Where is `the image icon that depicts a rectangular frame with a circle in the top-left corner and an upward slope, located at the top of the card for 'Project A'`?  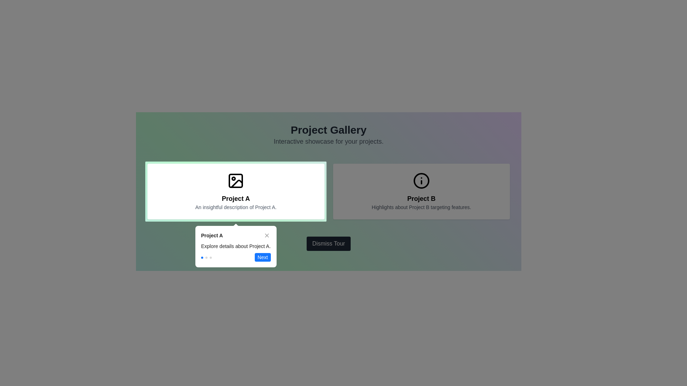 the image icon that depicts a rectangular frame with a circle in the top-left corner and an upward slope, located at the top of the card for 'Project A' is located at coordinates (236, 180).